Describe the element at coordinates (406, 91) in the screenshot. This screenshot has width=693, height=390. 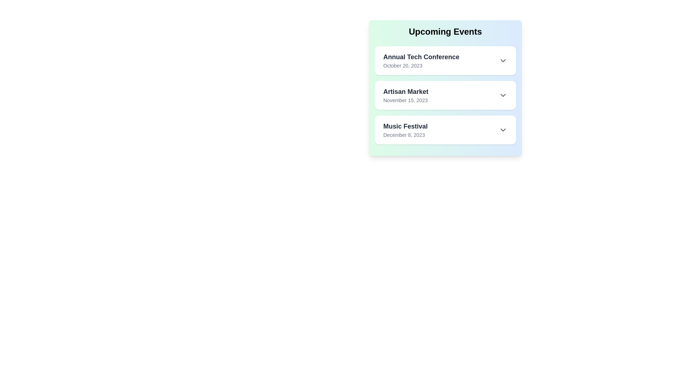
I see `the text label 'Artisan Market', which is styled with a bold font and dark gray color, positioned centrally within the second entry of the event list under 'Upcoming Events'` at that location.